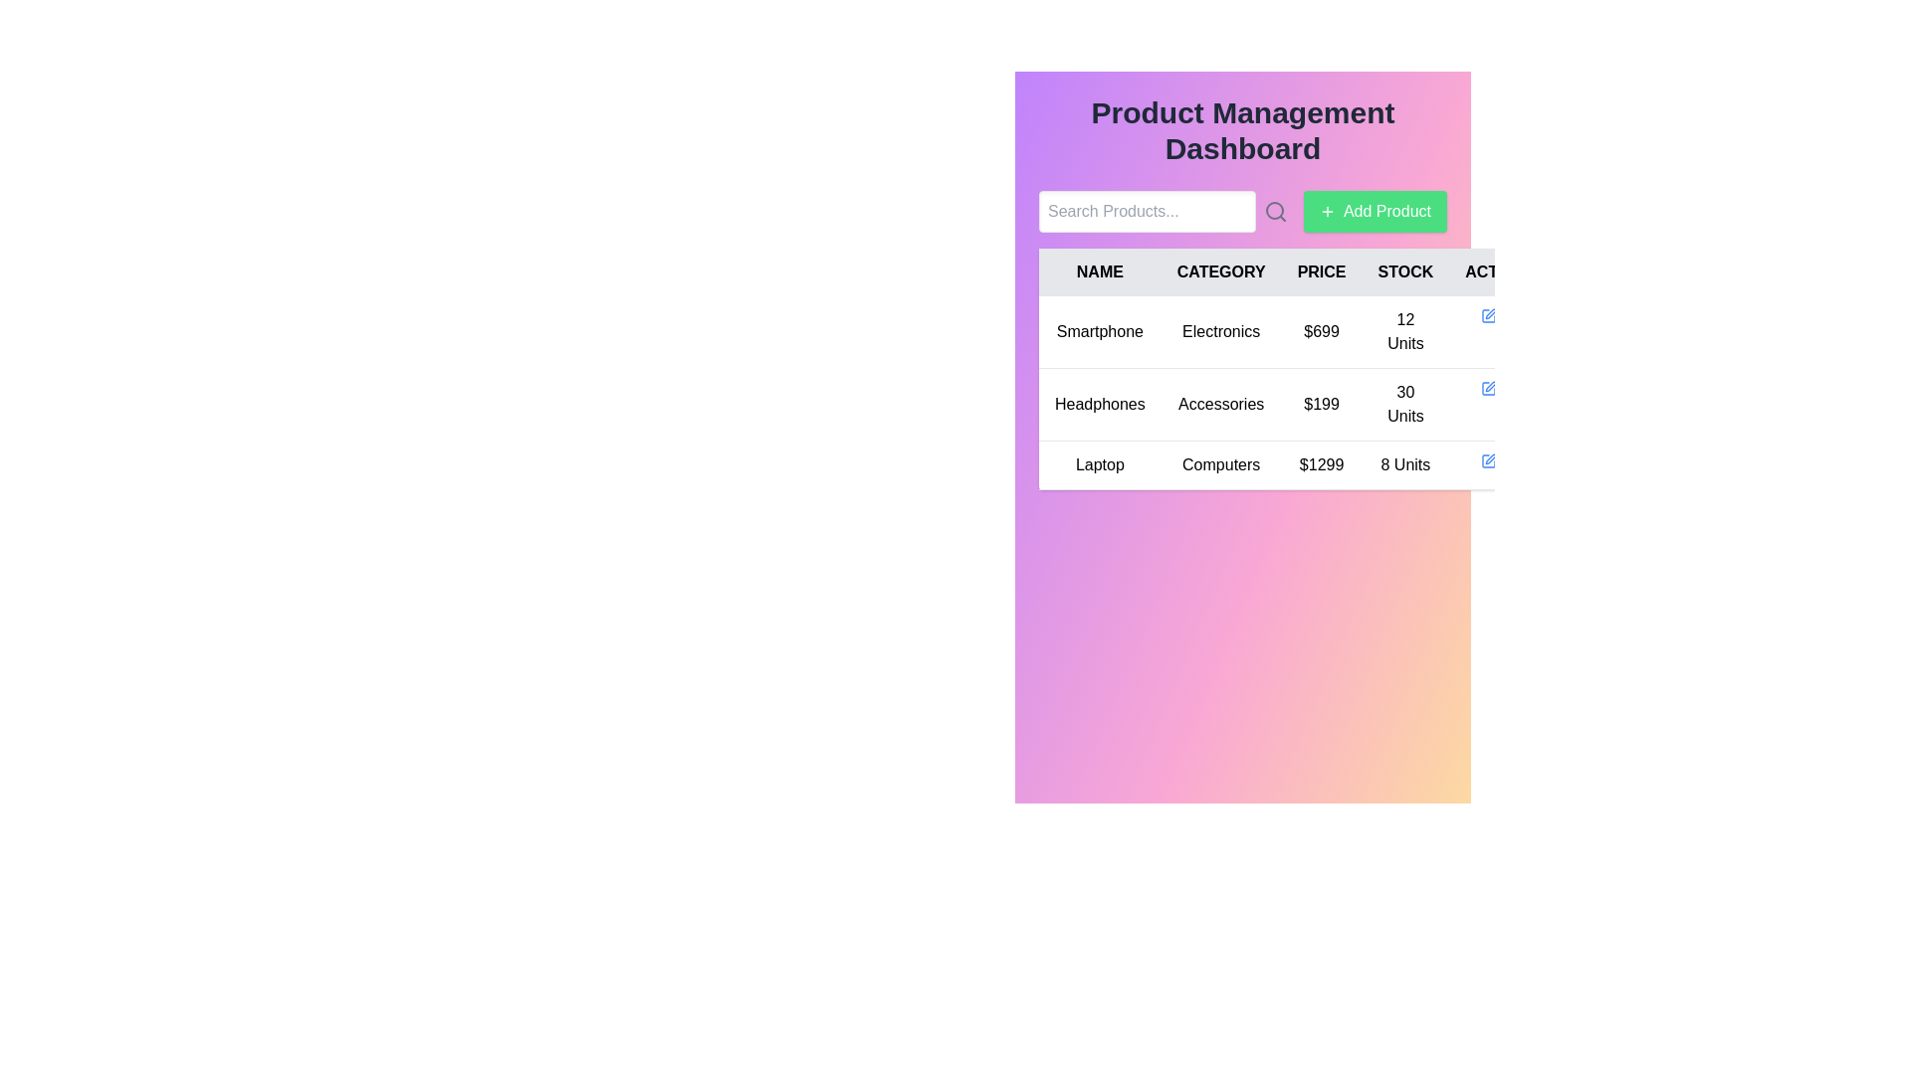  What do you see at coordinates (1322, 331) in the screenshot?
I see `the static text displaying the price "$699" in bold black font, located in the third column of the first row of the table under the label "PRICE."` at bounding box center [1322, 331].